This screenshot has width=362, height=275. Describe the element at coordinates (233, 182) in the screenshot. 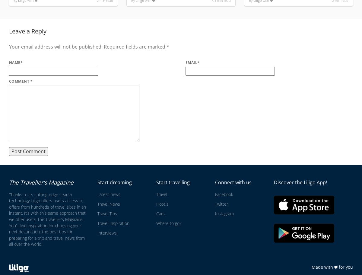

I see `'Connect with us'` at that location.